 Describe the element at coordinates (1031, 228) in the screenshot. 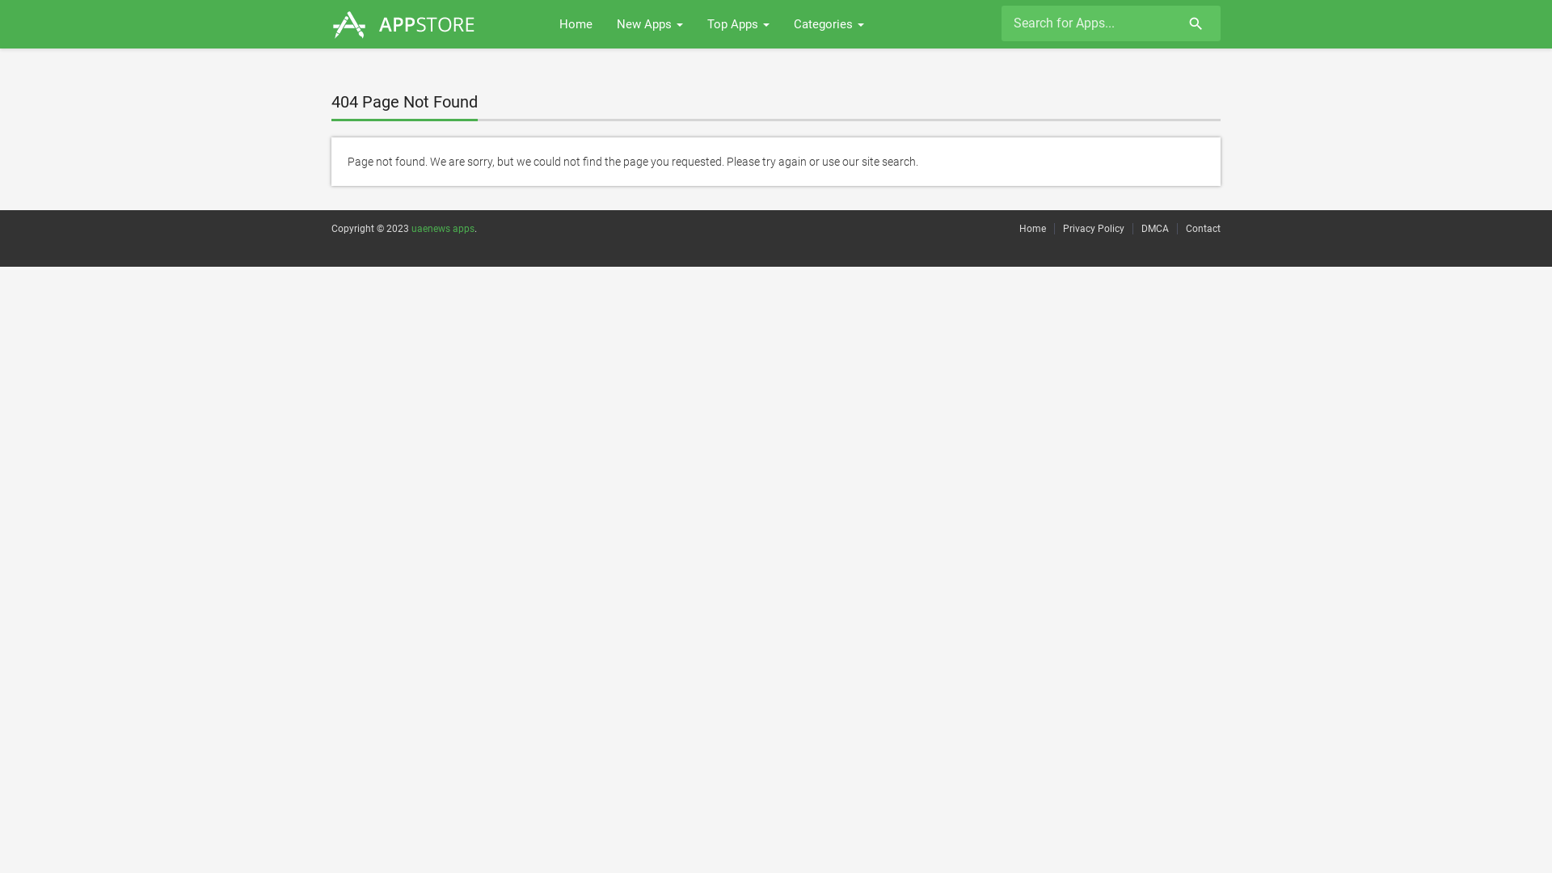

I see `'Home'` at that location.